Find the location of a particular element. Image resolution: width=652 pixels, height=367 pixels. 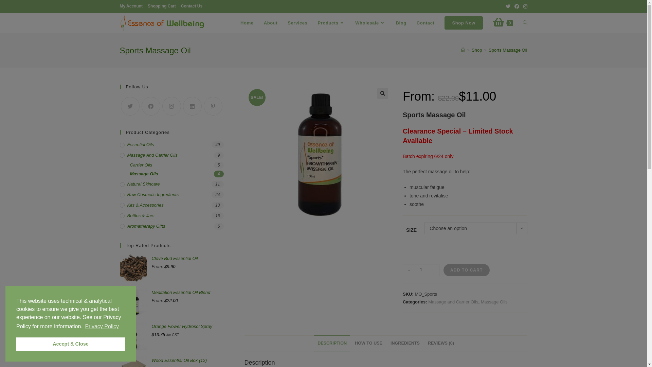

'Kits & Accessories' is located at coordinates (171, 205).